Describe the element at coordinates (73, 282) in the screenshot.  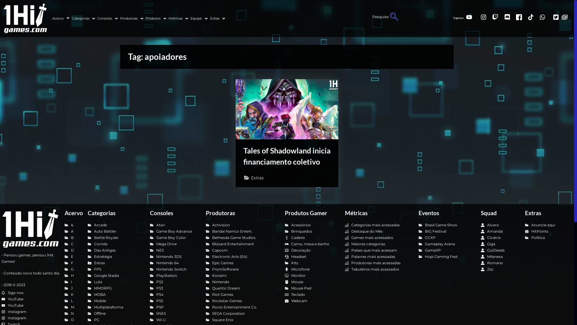
I see `'I'` at that location.